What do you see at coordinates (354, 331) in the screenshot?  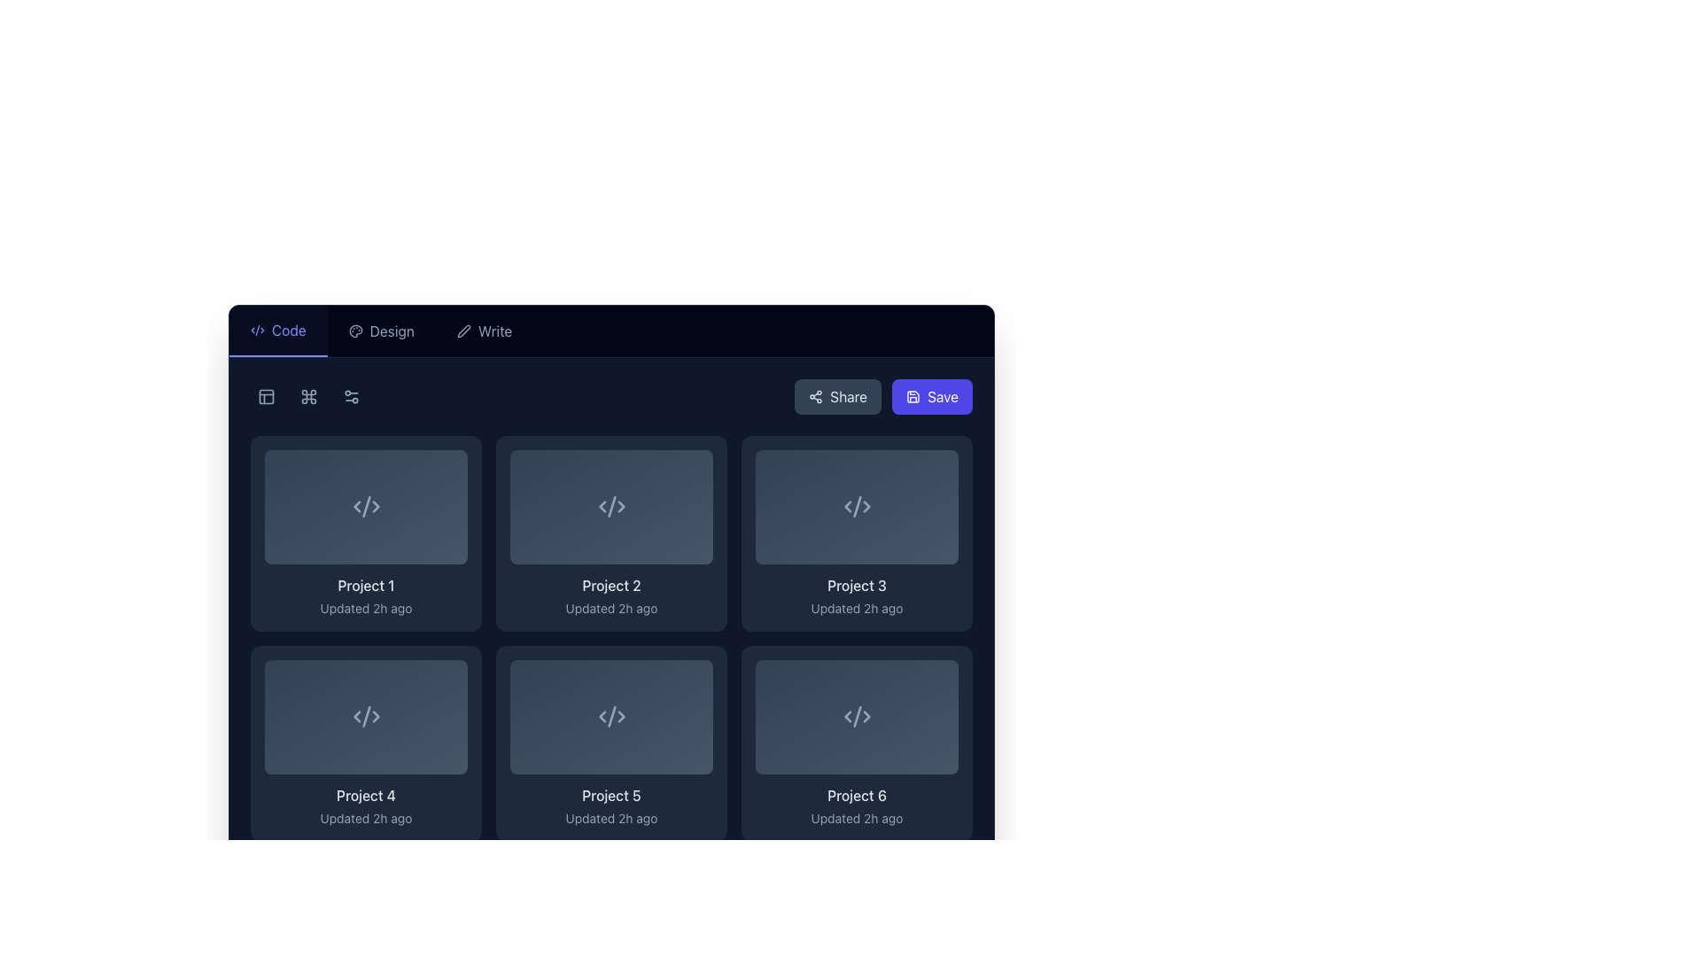 I see `the SVG icon representing a palette, located towards the top left corner of the interface` at bounding box center [354, 331].